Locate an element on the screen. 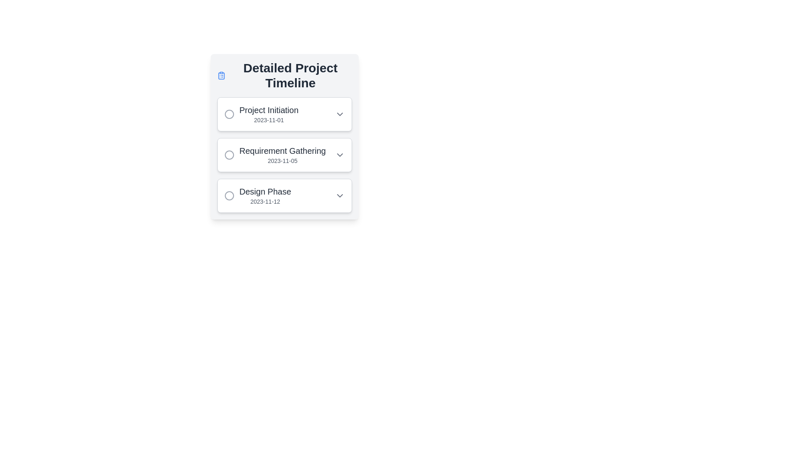 The width and height of the screenshot is (798, 449). the third row in the timeline labeled 'Design Phase' is located at coordinates (285, 195).